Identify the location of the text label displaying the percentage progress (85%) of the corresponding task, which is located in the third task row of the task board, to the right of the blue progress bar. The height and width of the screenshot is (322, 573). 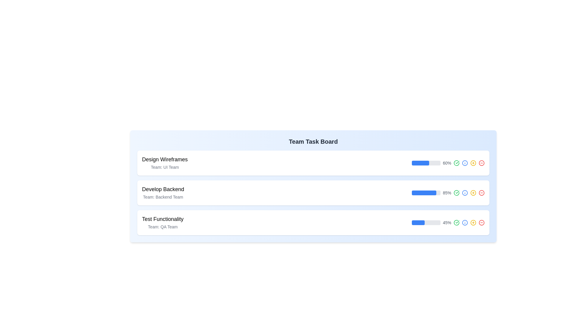
(447, 193).